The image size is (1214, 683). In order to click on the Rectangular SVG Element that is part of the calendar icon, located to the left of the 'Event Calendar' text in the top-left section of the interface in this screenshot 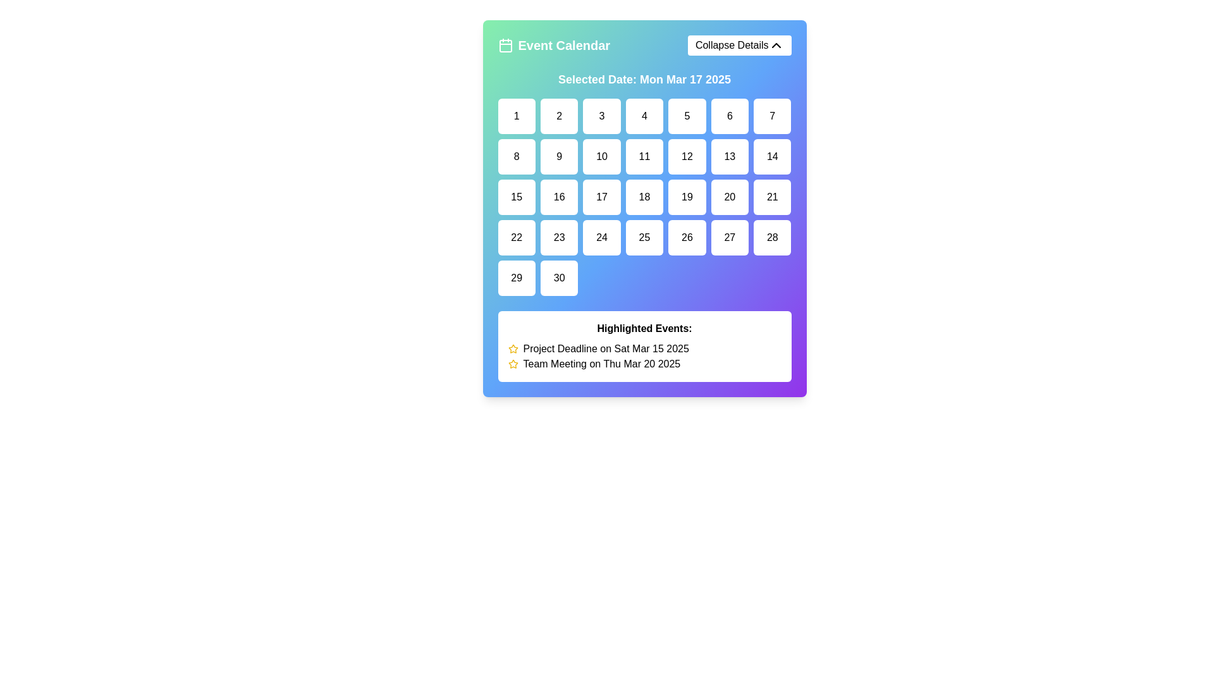, I will do `click(505, 46)`.